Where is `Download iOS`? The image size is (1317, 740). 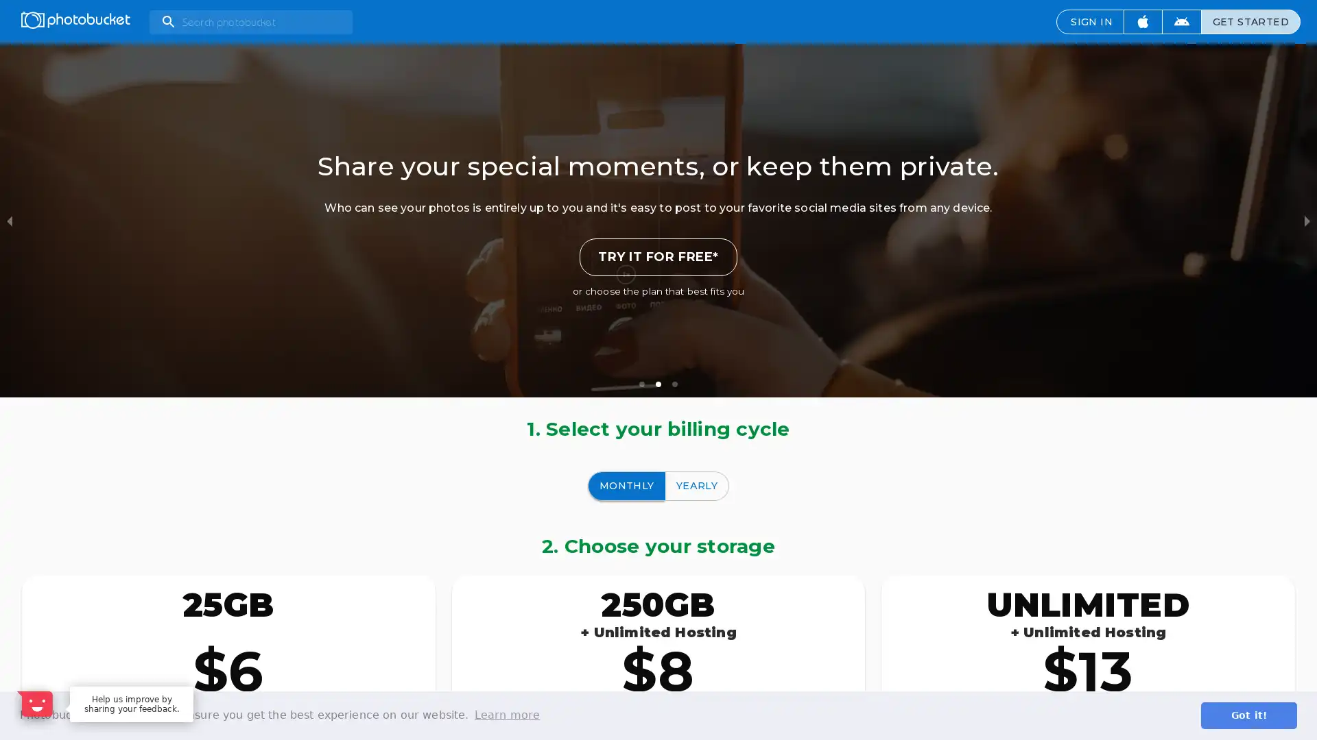
Download iOS is located at coordinates (1143, 21).